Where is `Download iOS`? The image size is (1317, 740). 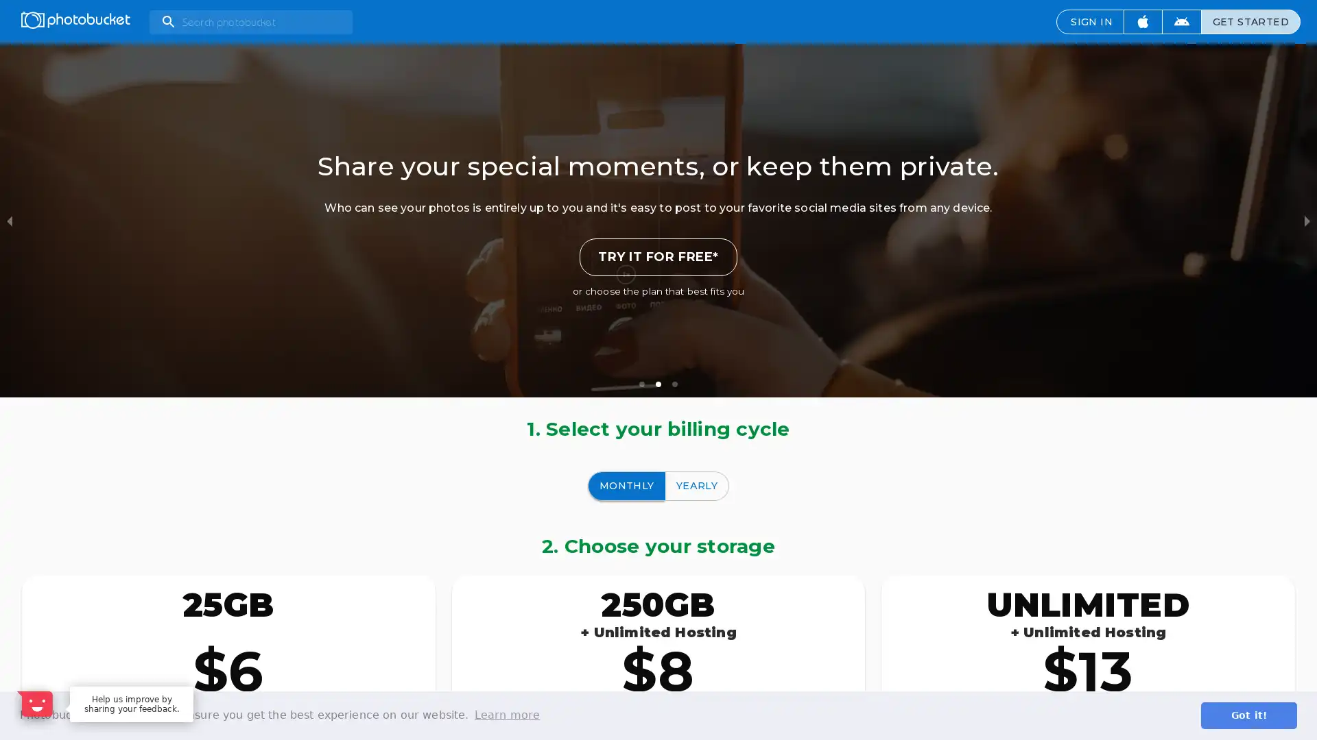
Download iOS is located at coordinates (1143, 21).